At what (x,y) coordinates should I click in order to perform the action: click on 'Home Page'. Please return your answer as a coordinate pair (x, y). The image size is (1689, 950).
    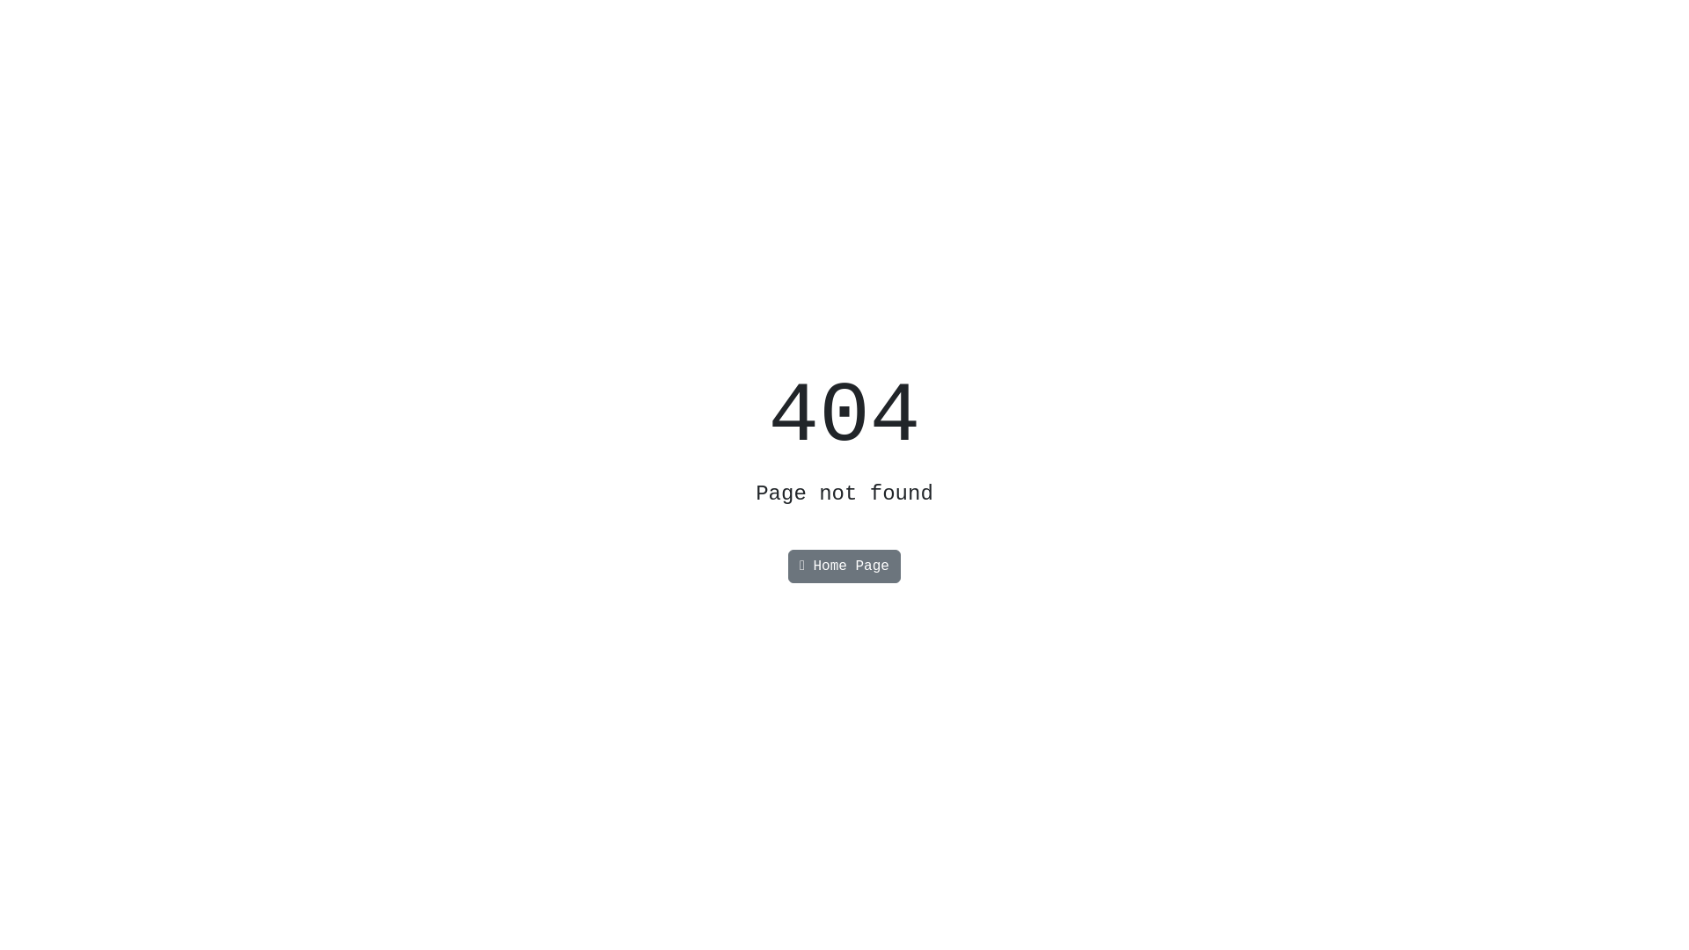
    Looking at the image, I should click on (844, 566).